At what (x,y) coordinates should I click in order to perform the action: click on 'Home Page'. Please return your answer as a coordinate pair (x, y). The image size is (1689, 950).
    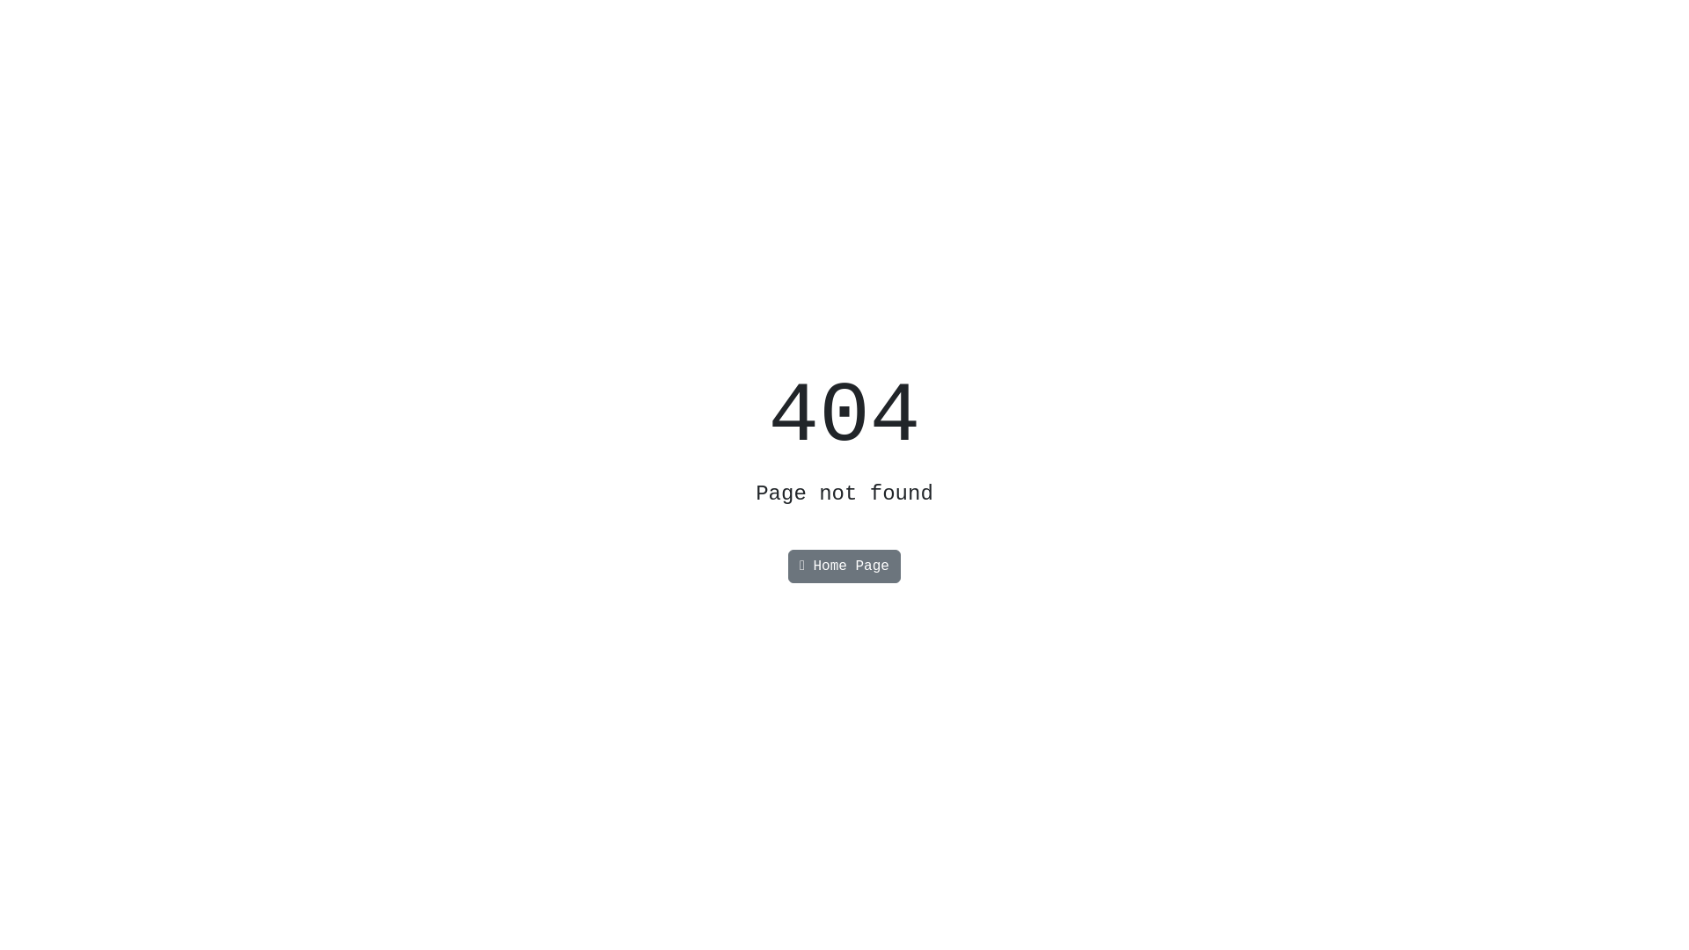
    Looking at the image, I should click on (844, 566).